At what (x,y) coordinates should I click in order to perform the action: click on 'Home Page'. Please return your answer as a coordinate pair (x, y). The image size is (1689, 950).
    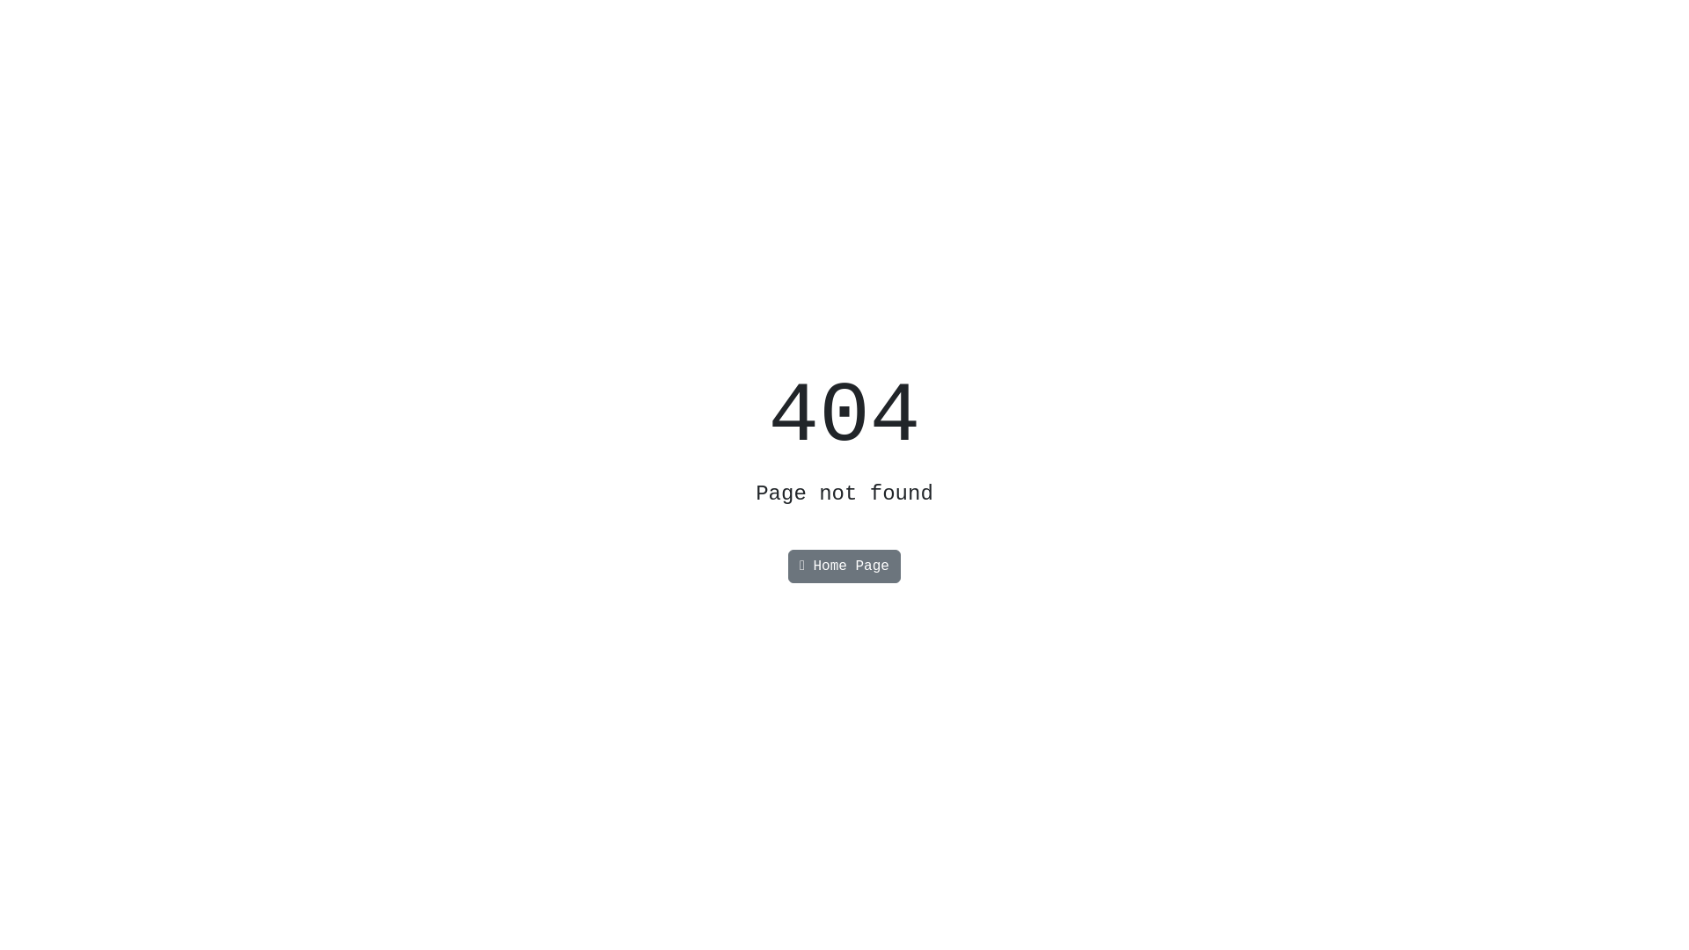
    Looking at the image, I should click on (844, 566).